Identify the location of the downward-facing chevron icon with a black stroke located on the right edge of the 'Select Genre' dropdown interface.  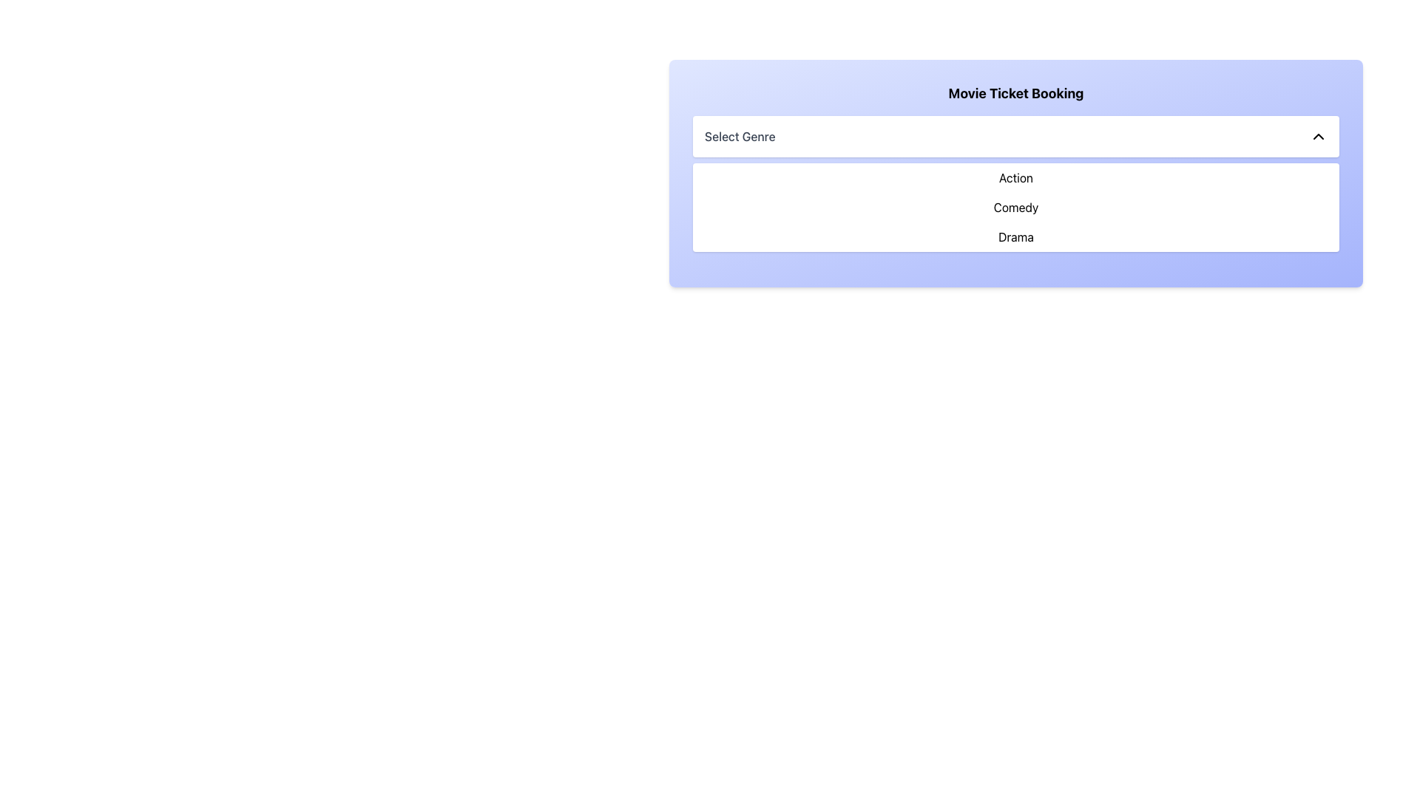
(1318, 137).